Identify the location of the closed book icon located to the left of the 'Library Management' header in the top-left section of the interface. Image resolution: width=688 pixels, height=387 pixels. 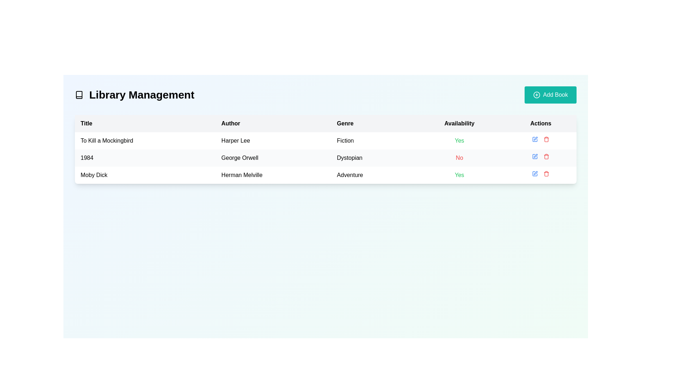
(79, 95).